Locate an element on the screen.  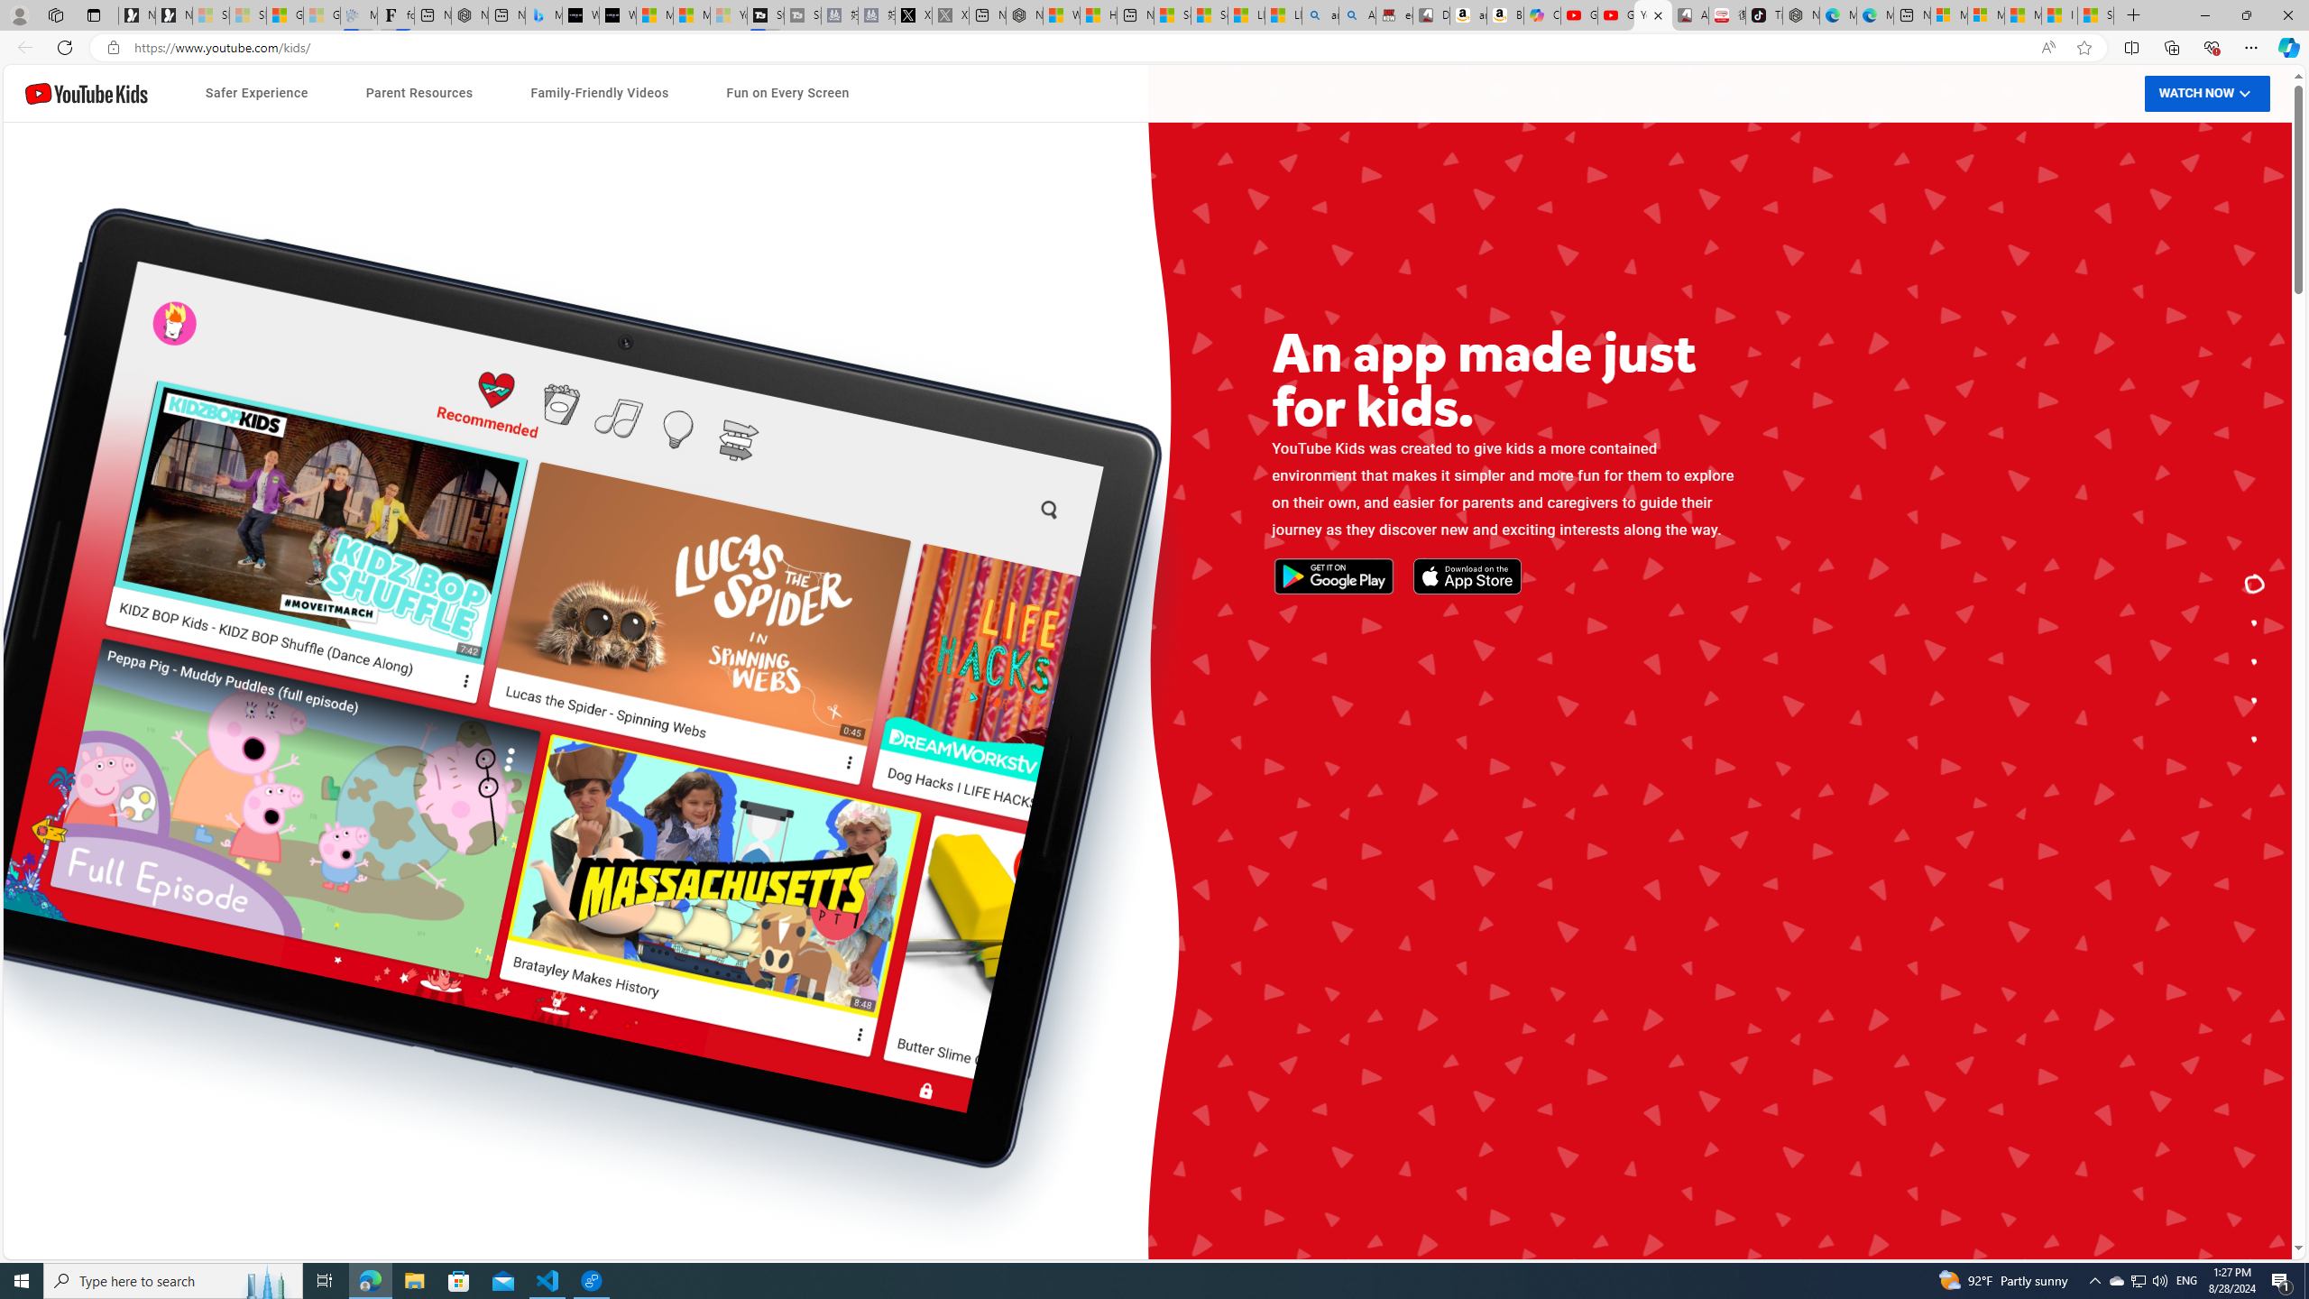
'WATCH NOW' is located at coordinates (2206, 93).